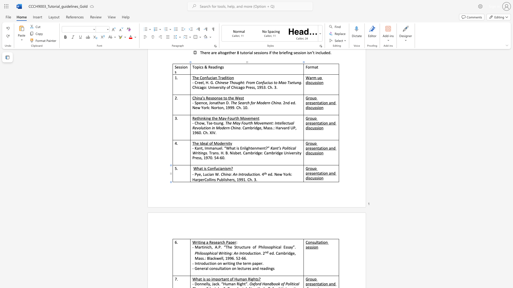  Describe the element at coordinates (229, 242) in the screenshot. I see `the 3th character "a" in the text` at that location.